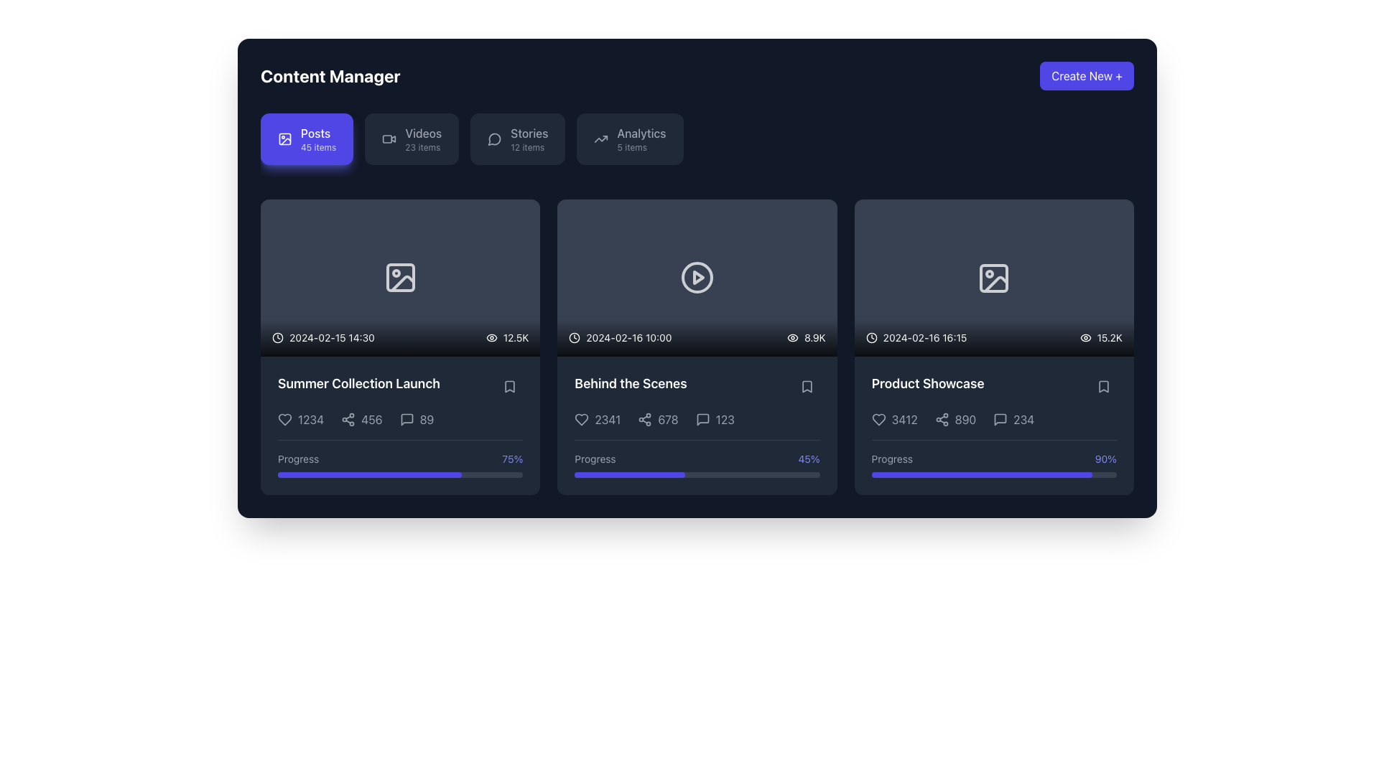 This screenshot has width=1379, height=775. What do you see at coordinates (285, 138) in the screenshot?
I see `the rounded rectangle that serves as a background for the 'image' icon in the top-left 'Posts' tab` at bounding box center [285, 138].